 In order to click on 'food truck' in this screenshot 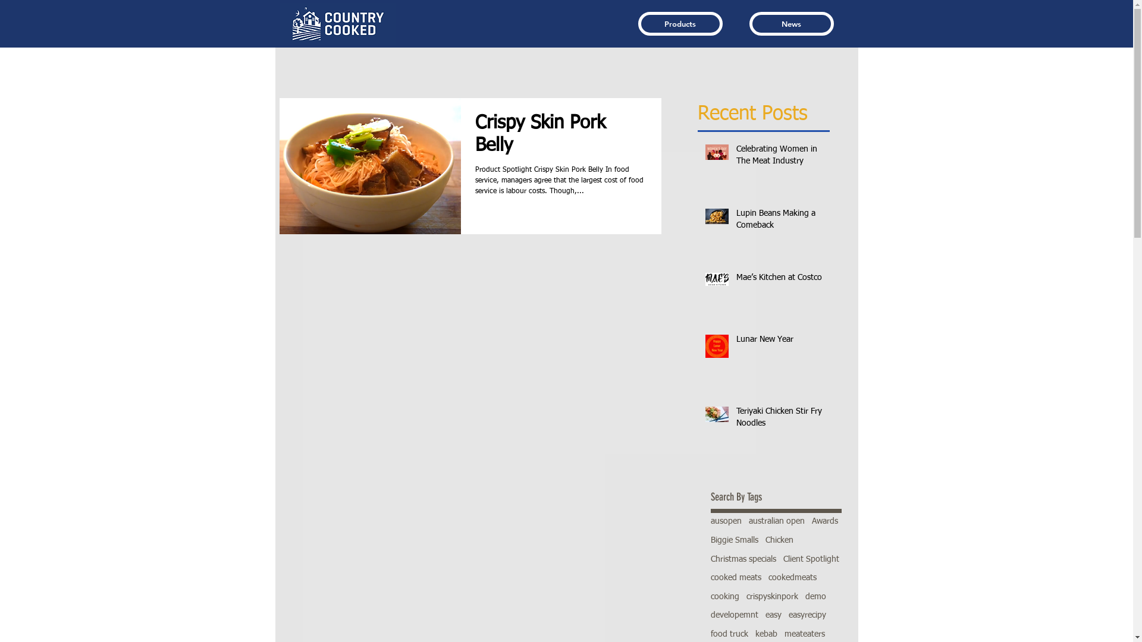, I will do `click(728, 634)`.